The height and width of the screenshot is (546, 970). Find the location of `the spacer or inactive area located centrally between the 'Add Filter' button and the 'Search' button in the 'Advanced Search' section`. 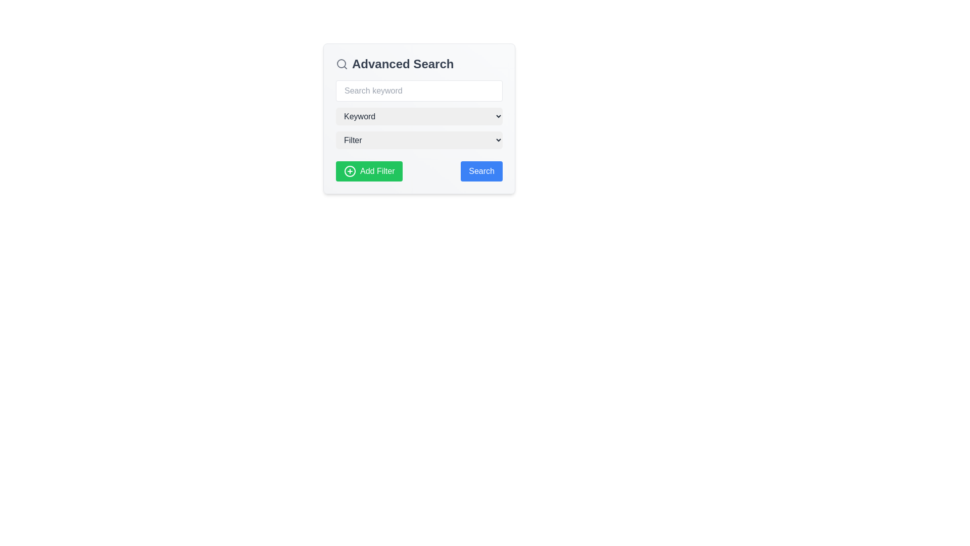

the spacer or inactive area located centrally between the 'Add Filter' button and the 'Search' button in the 'Advanced Search' section is located at coordinates (419, 171).